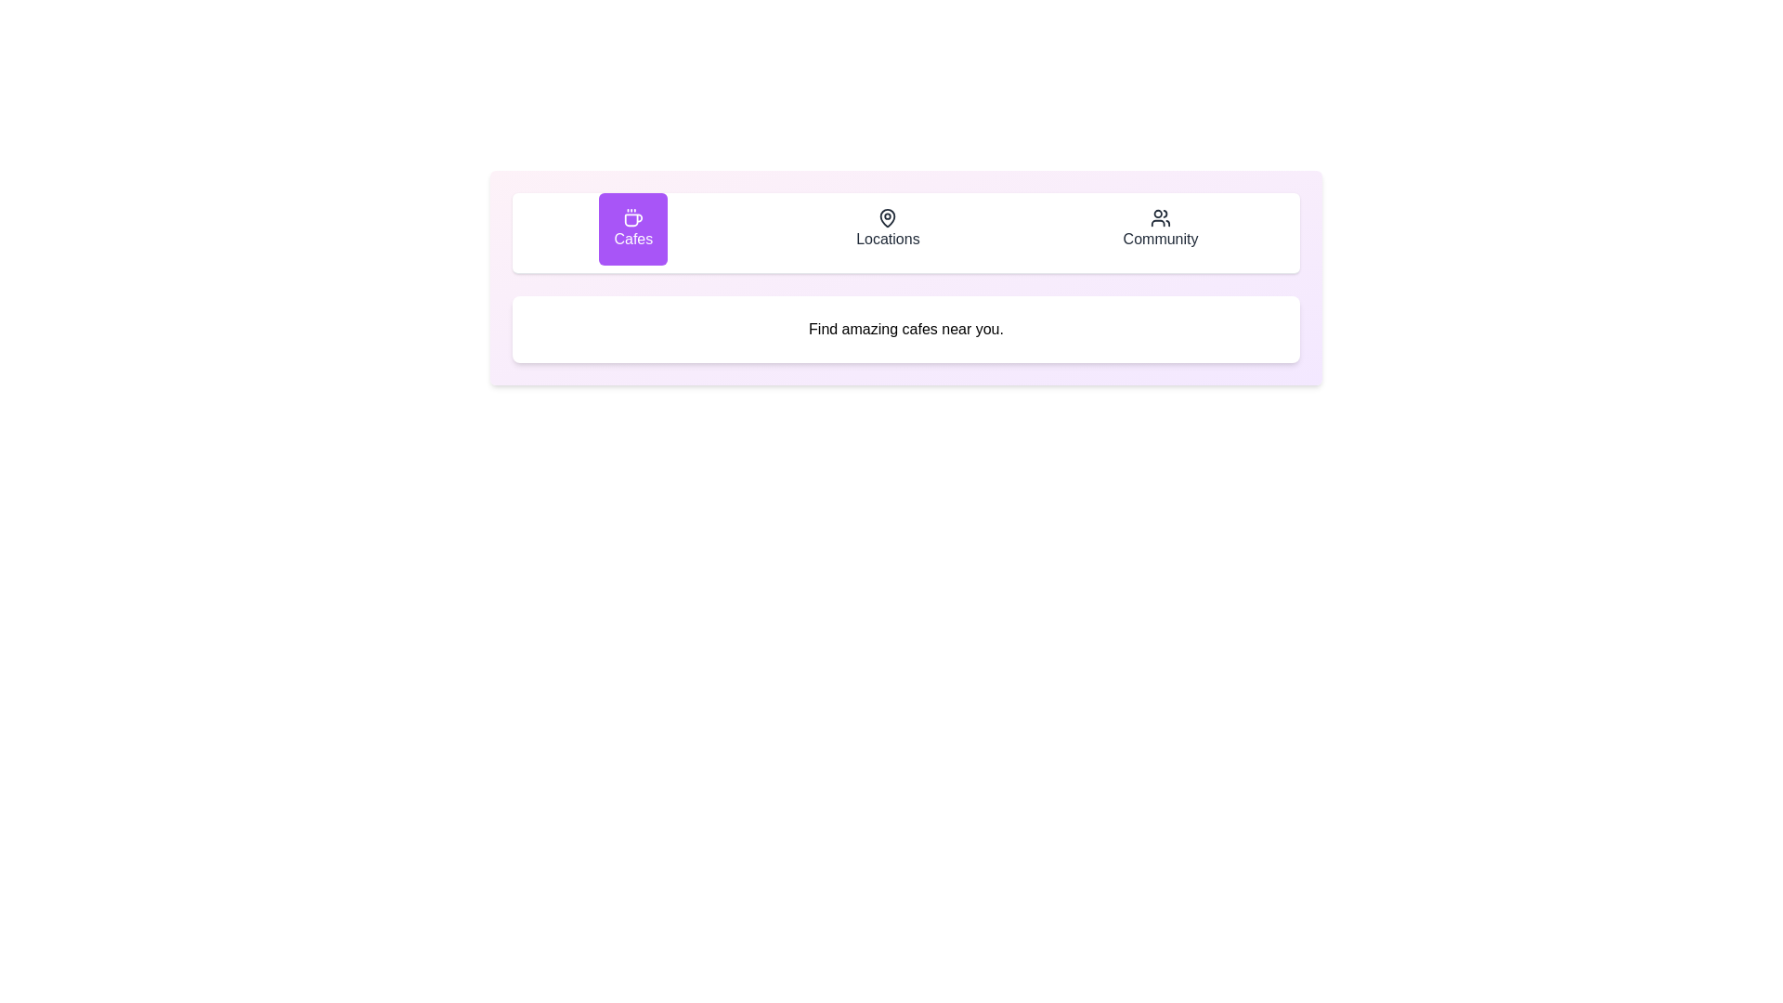 This screenshot has width=1783, height=1003. Describe the element at coordinates (1160, 228) in the screenshot. I see `the 'Community' button, which features an icon of three stylized human figures and is positioned in the third spot of a horizontal menu, to trigger a visual response` at that location.